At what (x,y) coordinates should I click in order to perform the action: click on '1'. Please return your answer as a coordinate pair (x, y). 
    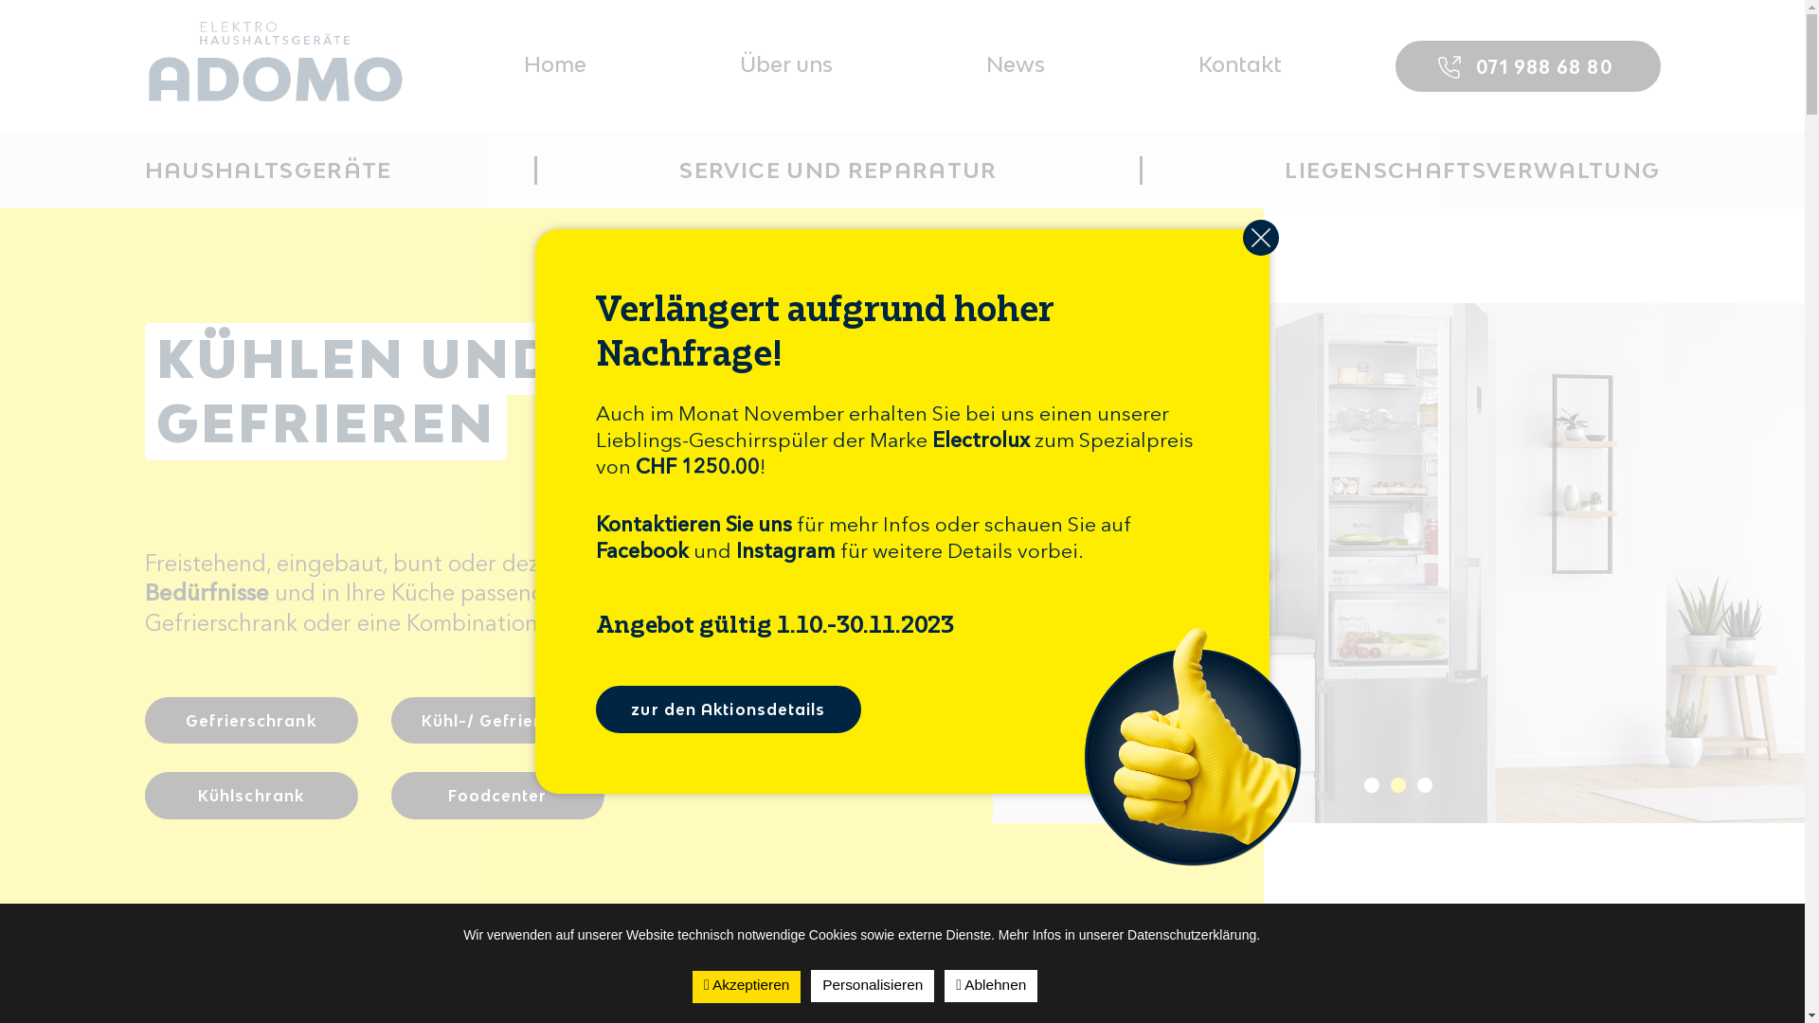
    Looking at the image, I should click on (1372, 785).